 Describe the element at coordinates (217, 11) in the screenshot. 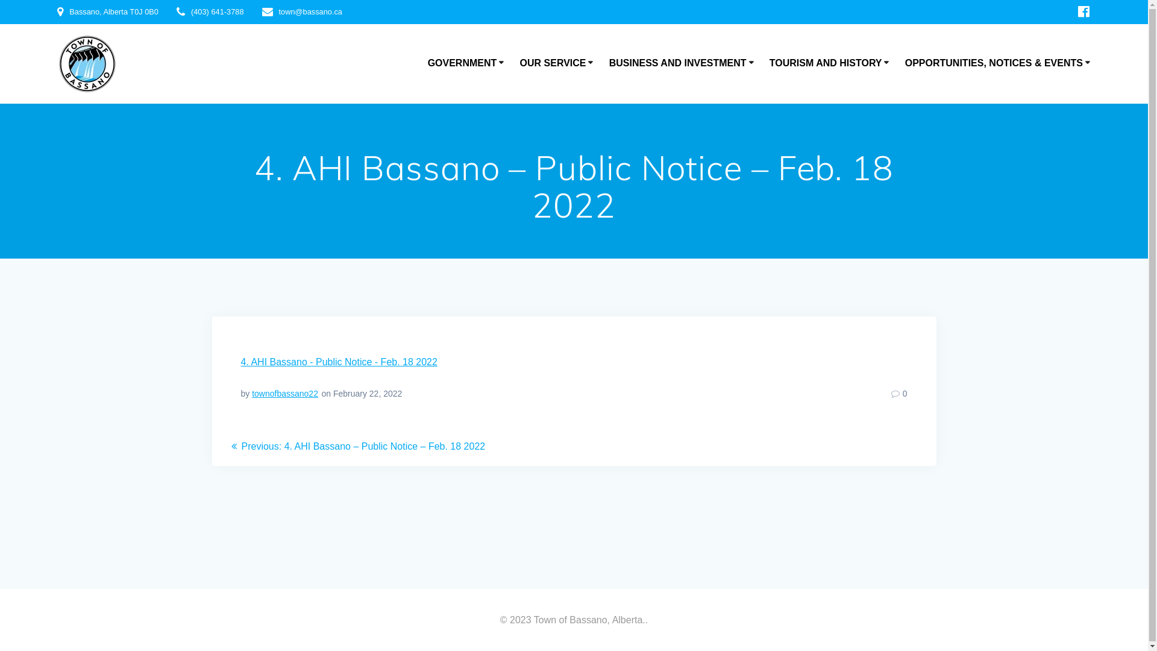

I see `'(403) 641-3788'` at that location.